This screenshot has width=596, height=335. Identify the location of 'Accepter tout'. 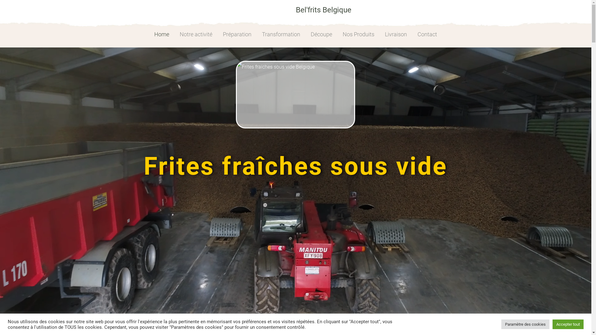
(568, 324).